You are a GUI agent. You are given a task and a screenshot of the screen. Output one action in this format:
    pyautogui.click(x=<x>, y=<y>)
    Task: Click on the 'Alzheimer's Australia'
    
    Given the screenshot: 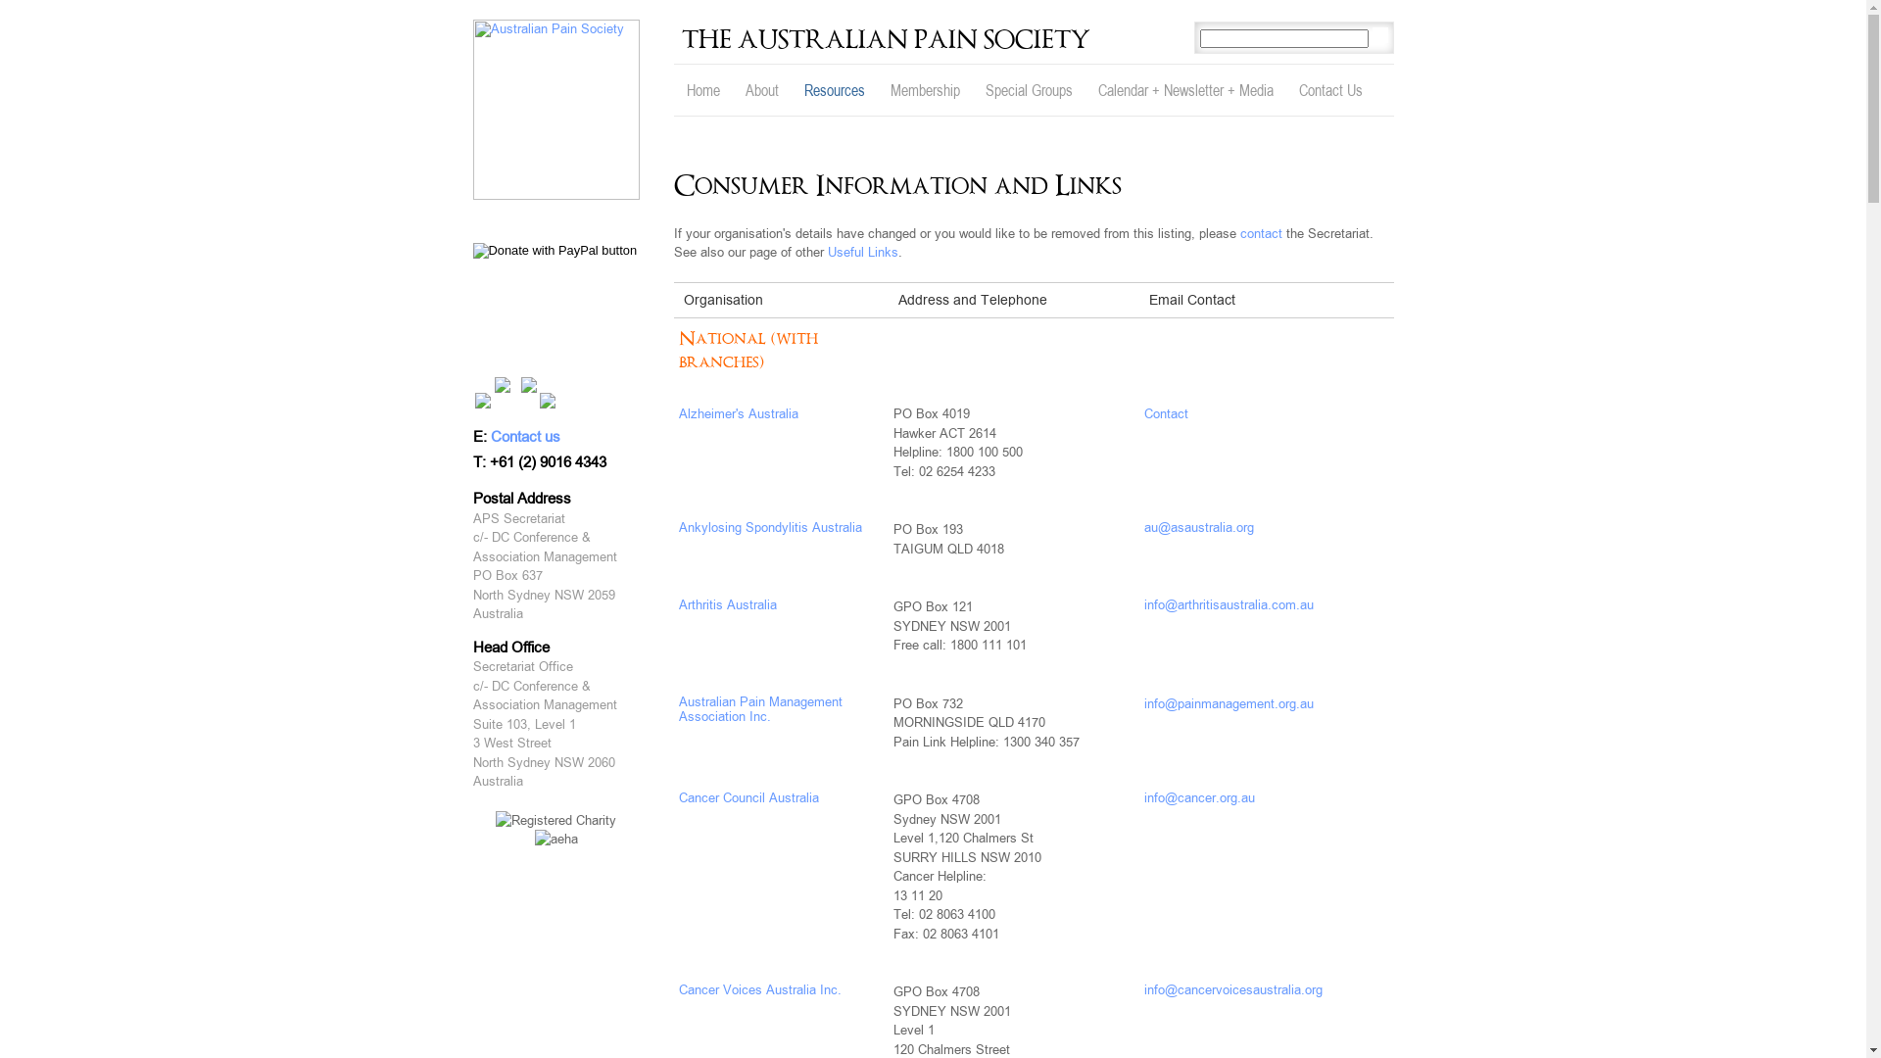 What is the action you would take?
    pyautogui.click(x=737, y=412)
    